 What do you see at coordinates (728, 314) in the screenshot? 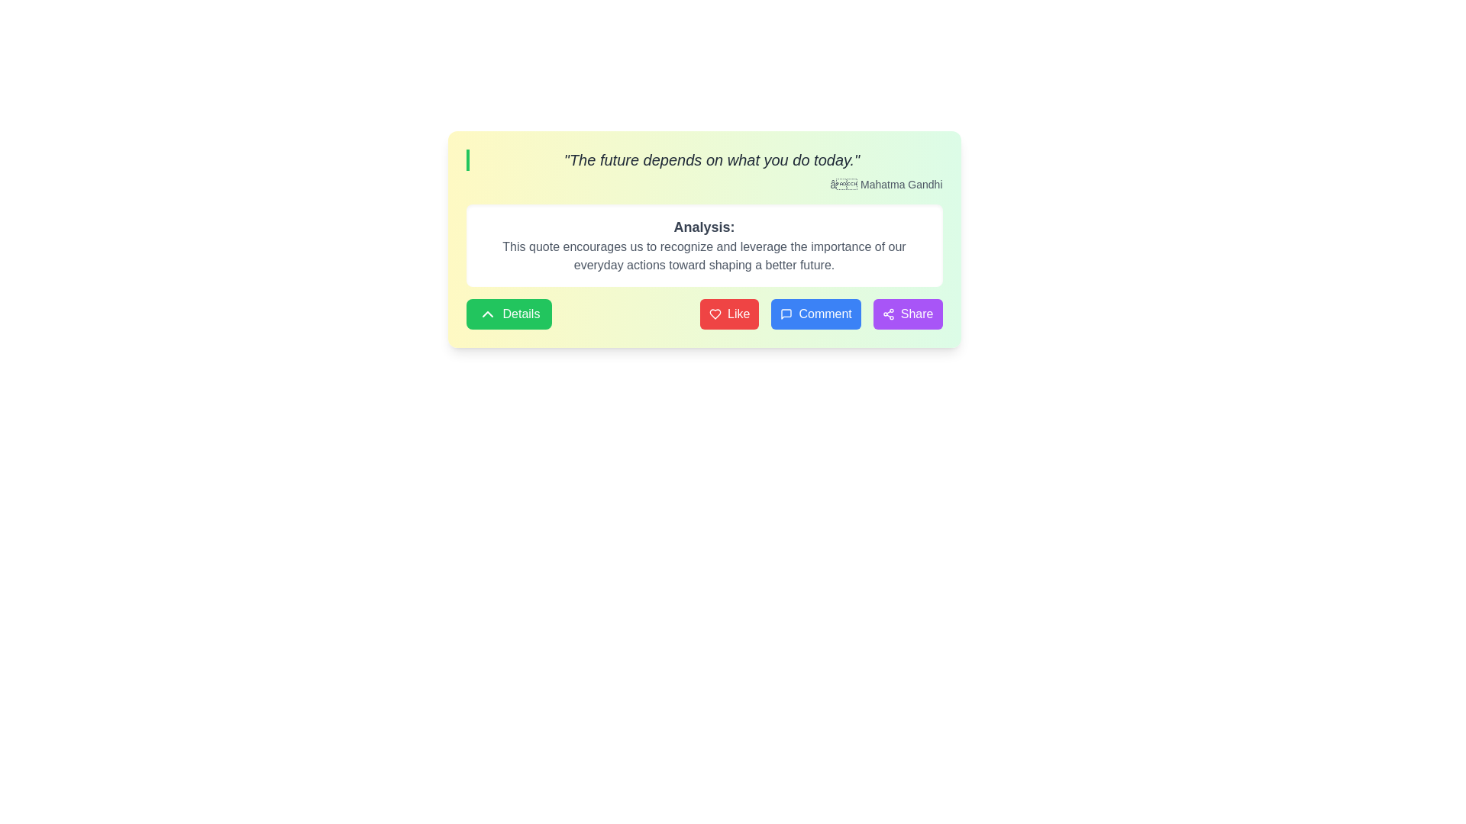
I see `the 'Like' button, which is the first button in a horizontal sequence of three buttons located centrally at the bottom of a rectangular card, to like the associated content` at bounding box center [728, 314].